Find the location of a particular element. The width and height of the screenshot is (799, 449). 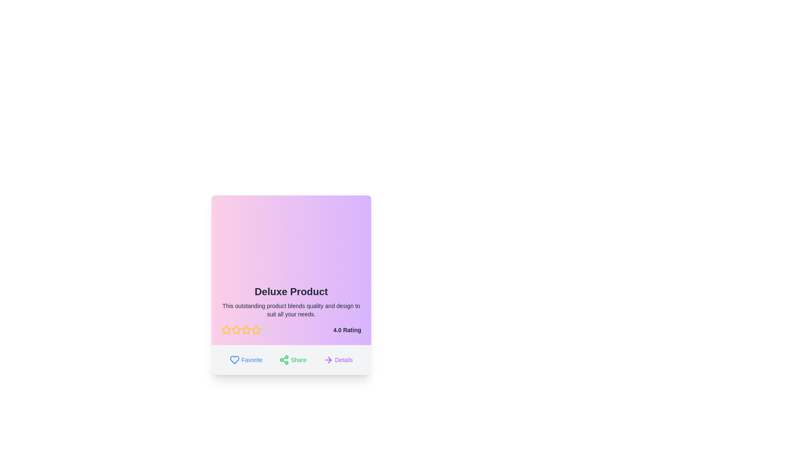

the 'Details' button located at the rightmost position of the horizontal button group is located at coordinates (338, 360).